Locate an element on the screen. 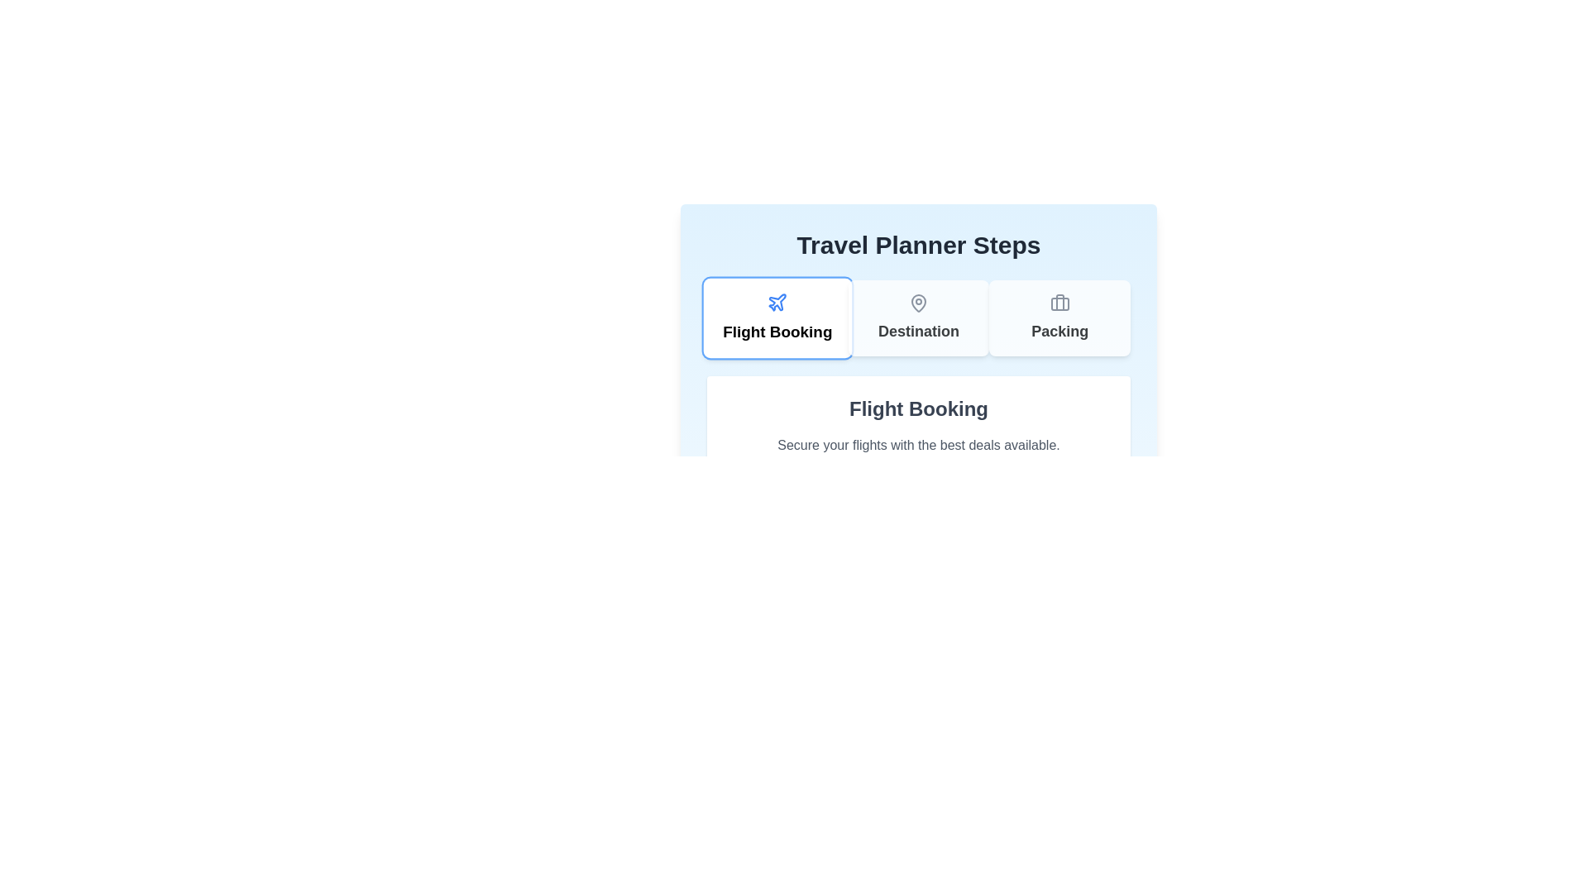 Image resolution: width=1588 pixels, height=893 pixels. the 'Destination' card in the Interactive navigation section is located at coordinates (917, 318).